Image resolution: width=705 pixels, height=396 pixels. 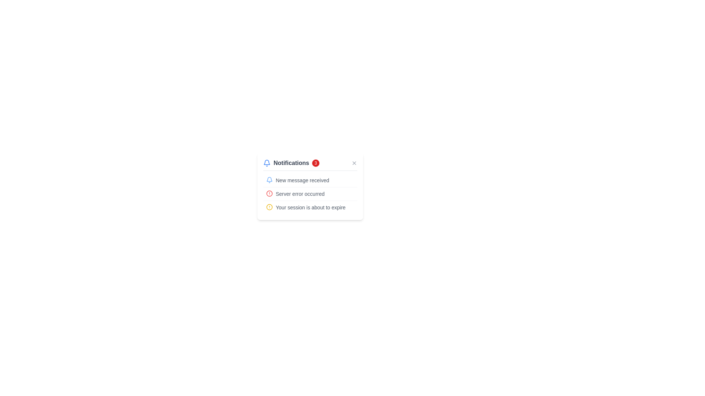 I want to click on the message of the third notification in the vertically stacked list indicating that the user's session is nearing expiration, so click(x=310, y=207).